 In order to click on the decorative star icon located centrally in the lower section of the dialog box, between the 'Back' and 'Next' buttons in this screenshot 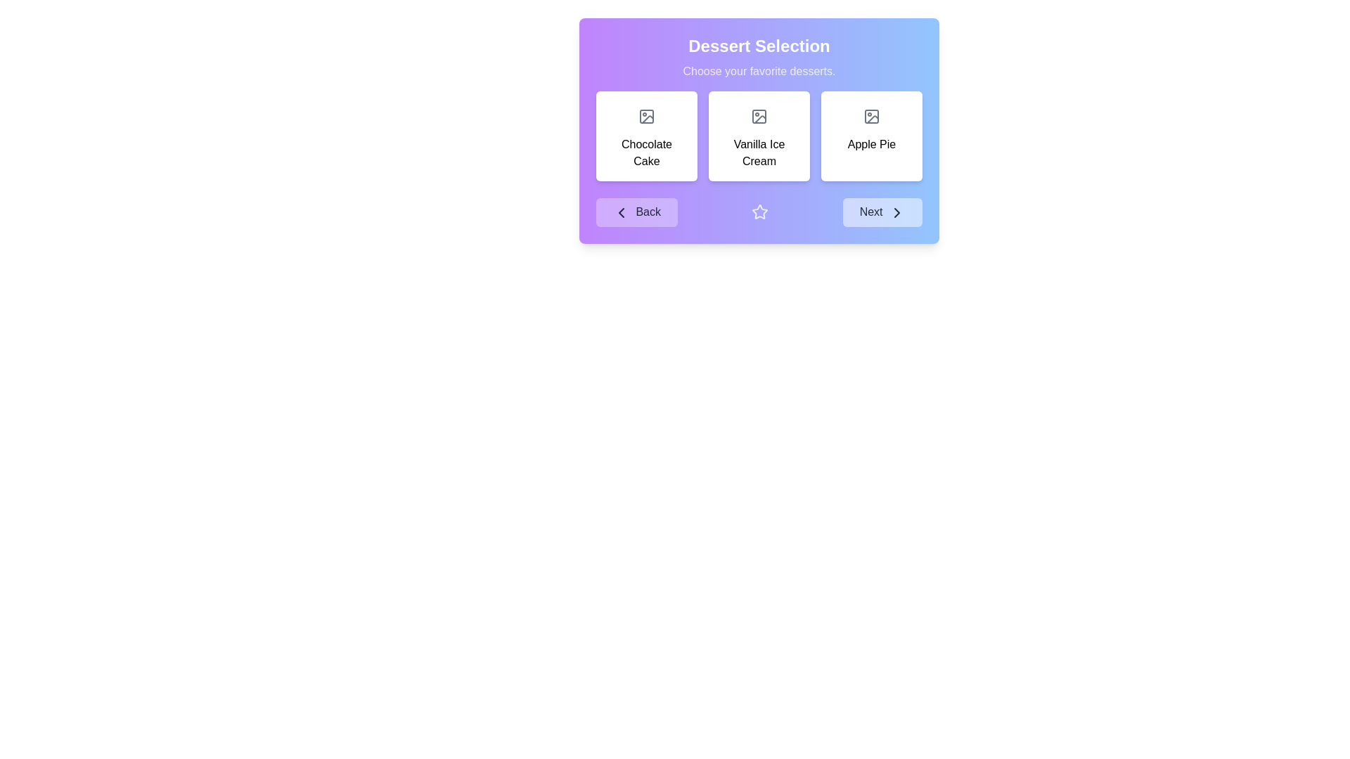, I will do `click(759, 212)`.